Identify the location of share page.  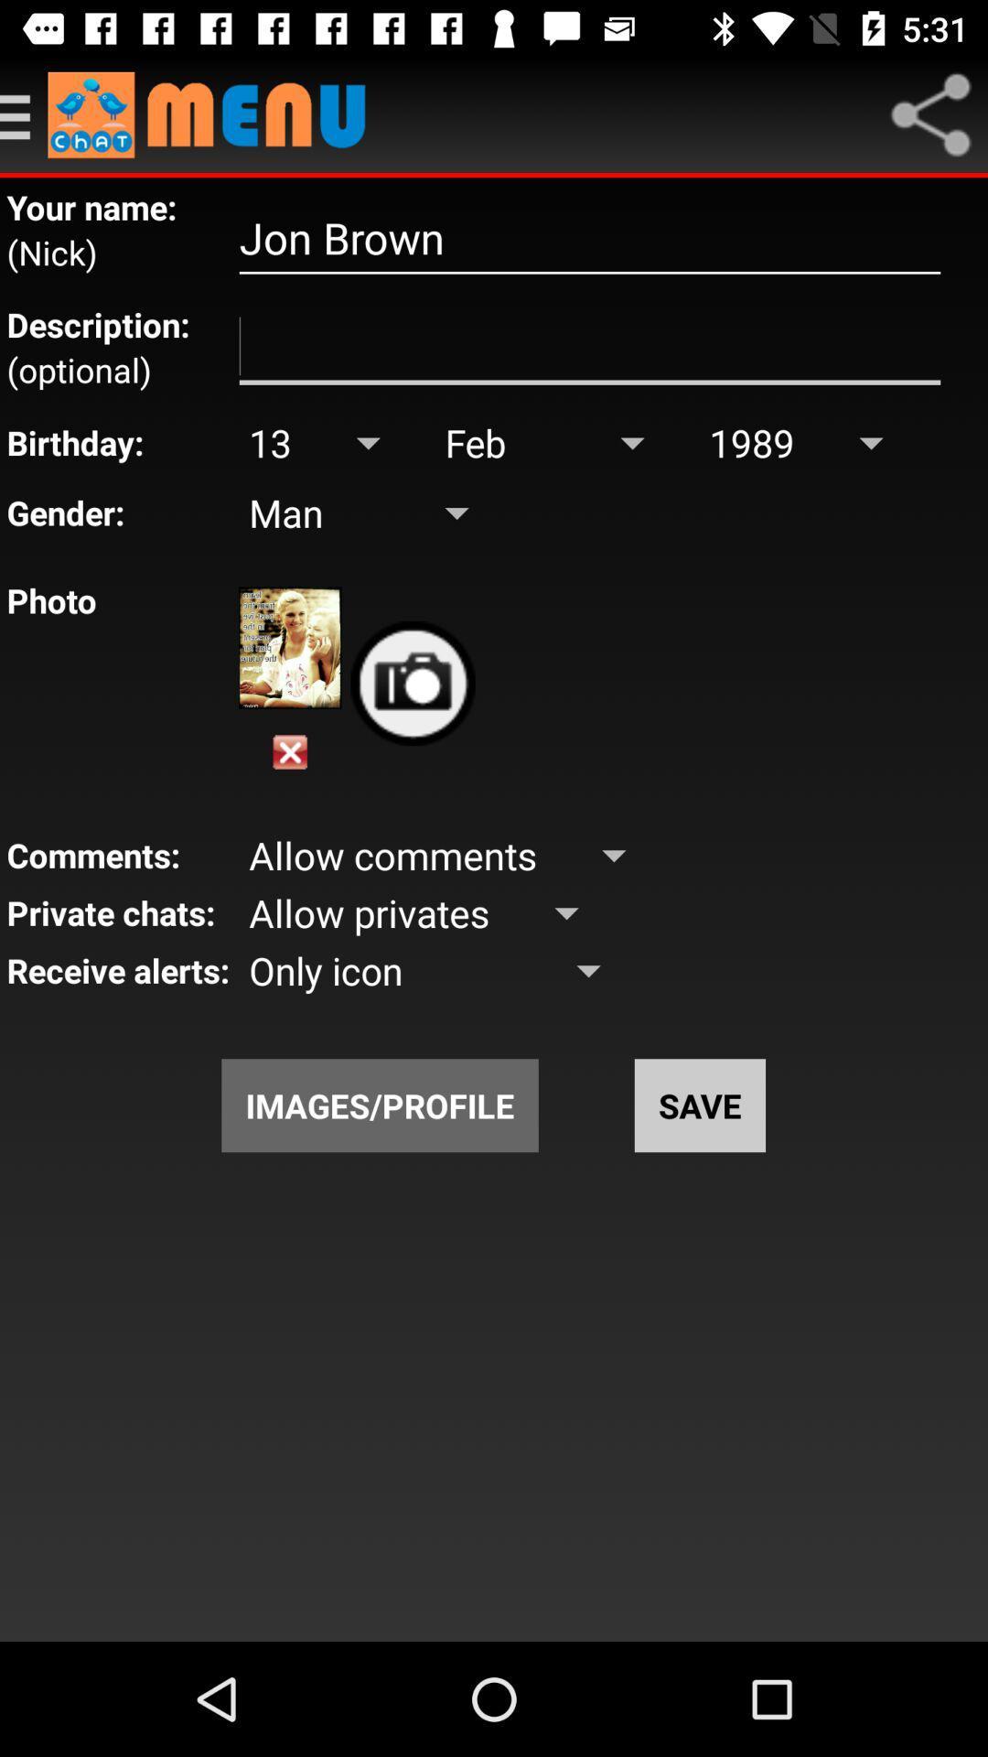
(930, 113).